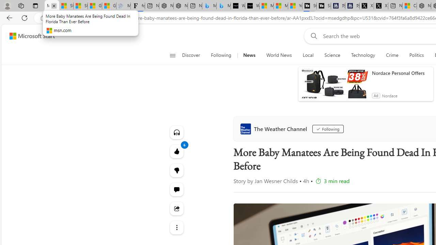  What do you see at coordinates (312, 36) in the screenshot?
I see `'Web search'` at bounding box center [312, 36].